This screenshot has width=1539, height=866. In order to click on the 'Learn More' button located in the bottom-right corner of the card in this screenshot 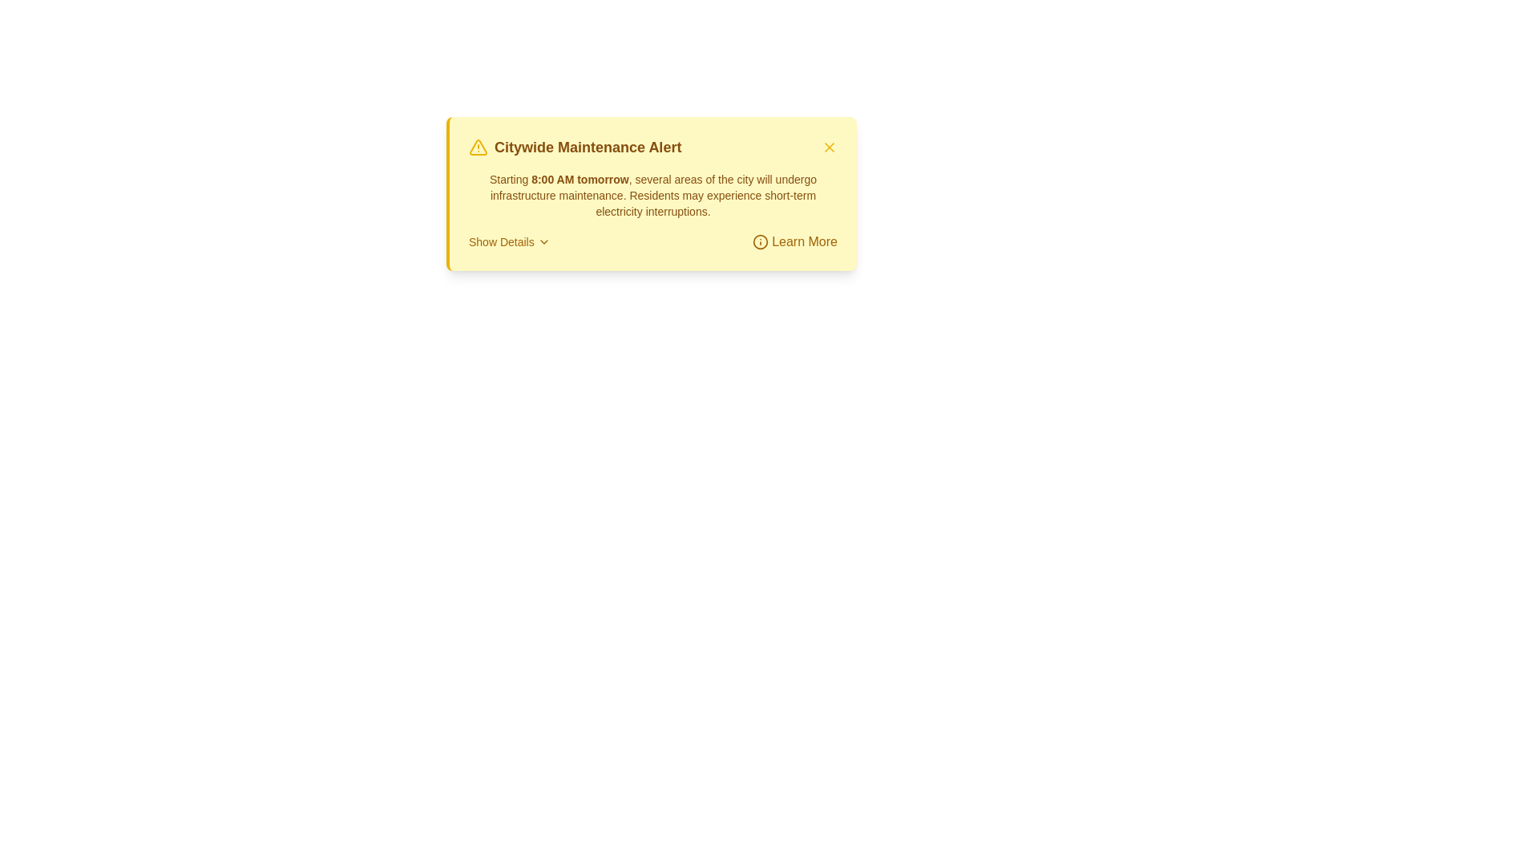, I will do `click(795, 241)`.